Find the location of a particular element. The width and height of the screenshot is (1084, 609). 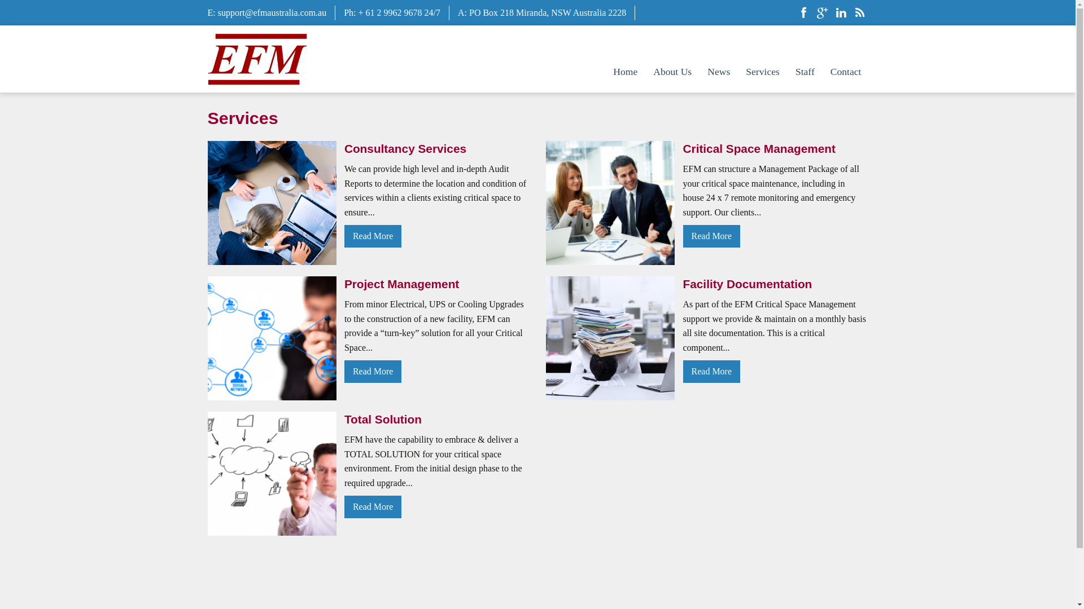

'A: PO Box 218 Miranda, NSW Australia 2228' is located at coordinates (542, 12).